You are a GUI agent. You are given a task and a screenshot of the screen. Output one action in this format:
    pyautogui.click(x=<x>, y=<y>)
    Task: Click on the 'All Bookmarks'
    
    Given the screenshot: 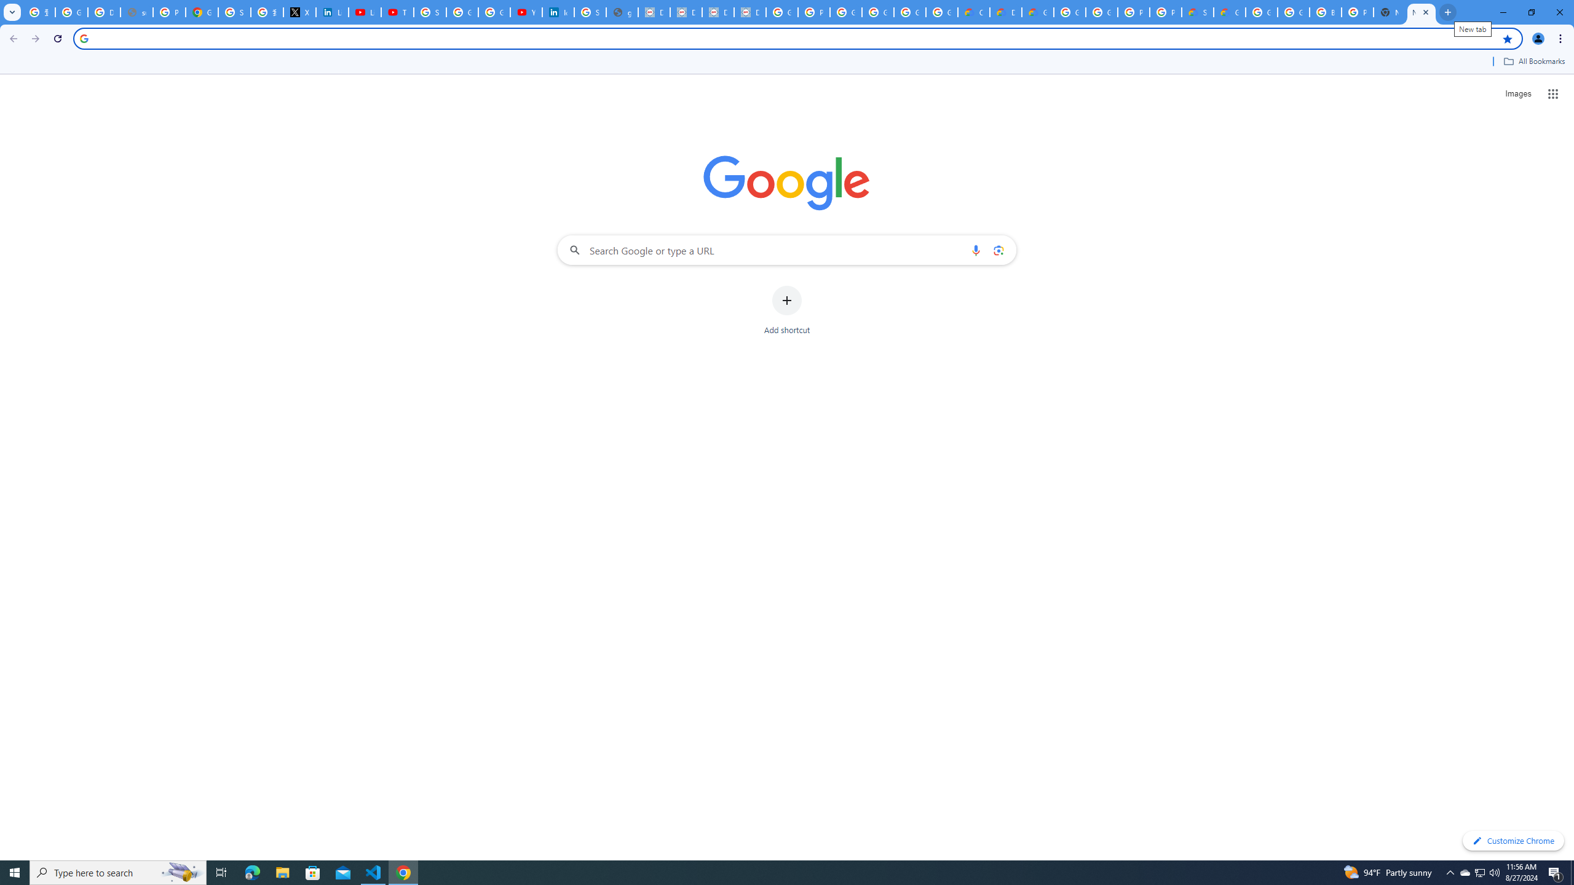 What is the action you would take?
    pyautogui.click(x=1533, y=61)
    